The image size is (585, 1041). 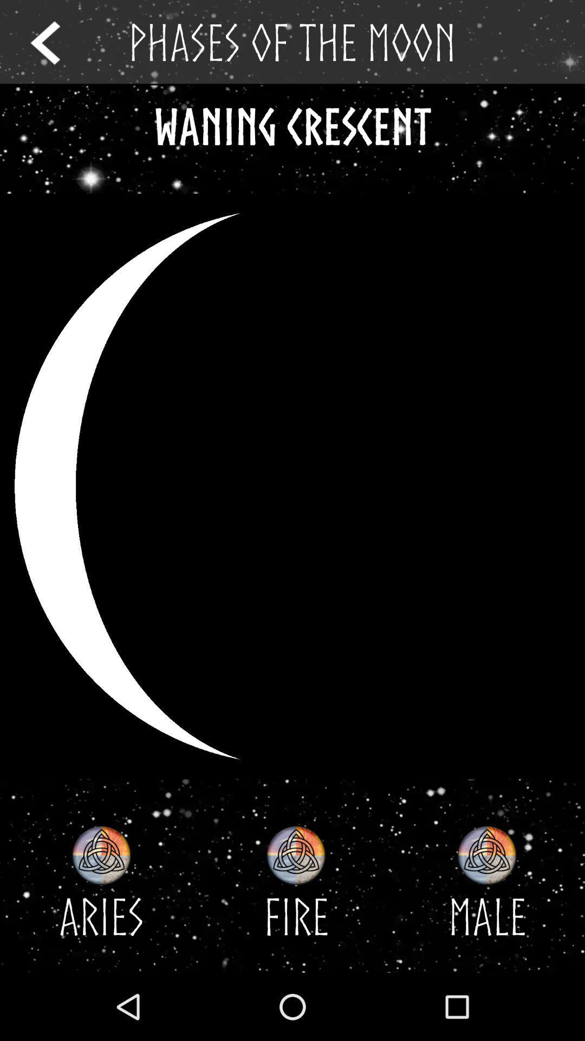 I want to click on go previous page, so click(x=55, y=42).